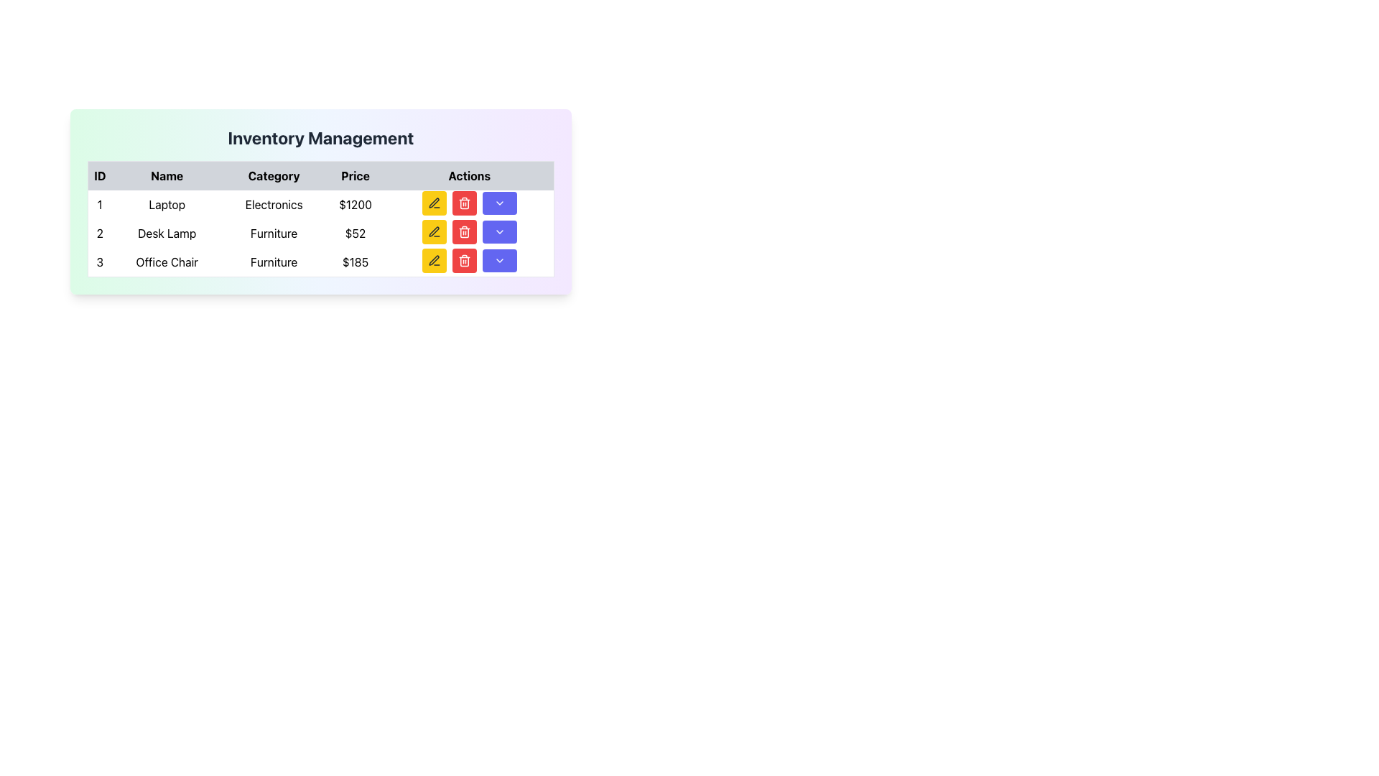 The height and width of the screenshot is (776, 1379). What do you see at coordinates (433, 260) in the screenshot?
I see `the first button in the 'Actions' column of the last row in the 'Inventory Management' table` at bounding box center [433, 260].